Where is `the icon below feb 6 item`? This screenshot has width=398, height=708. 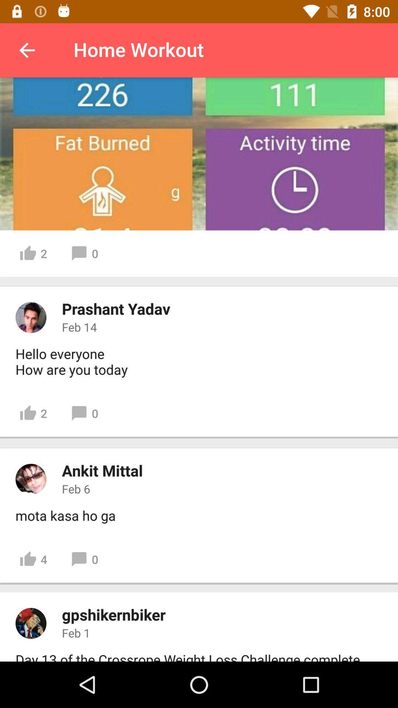
the icon below feb 6 item is located at coordinates (65, 515).